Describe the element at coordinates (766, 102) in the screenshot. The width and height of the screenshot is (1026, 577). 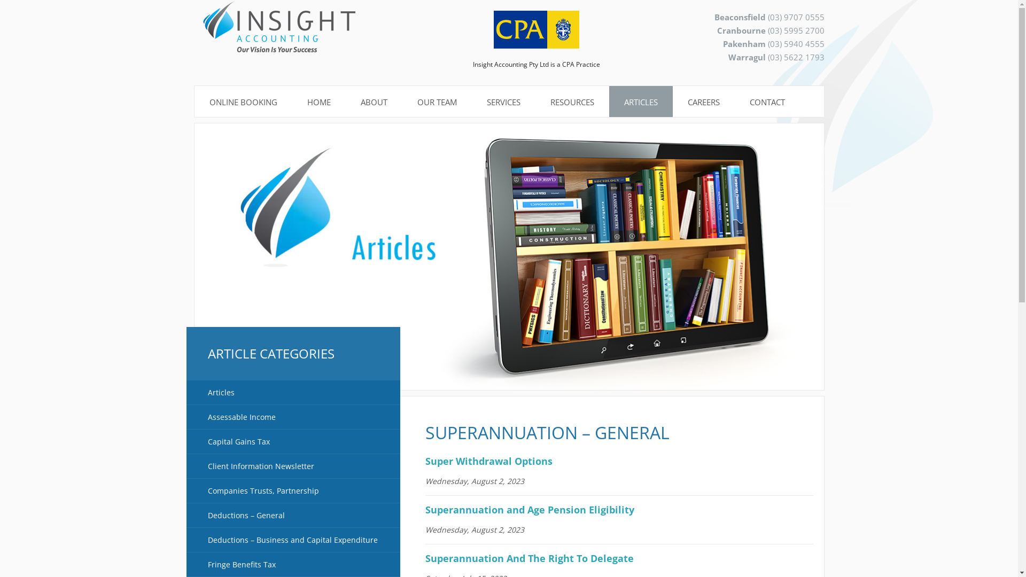
I see `'CONTACT'` at that location.